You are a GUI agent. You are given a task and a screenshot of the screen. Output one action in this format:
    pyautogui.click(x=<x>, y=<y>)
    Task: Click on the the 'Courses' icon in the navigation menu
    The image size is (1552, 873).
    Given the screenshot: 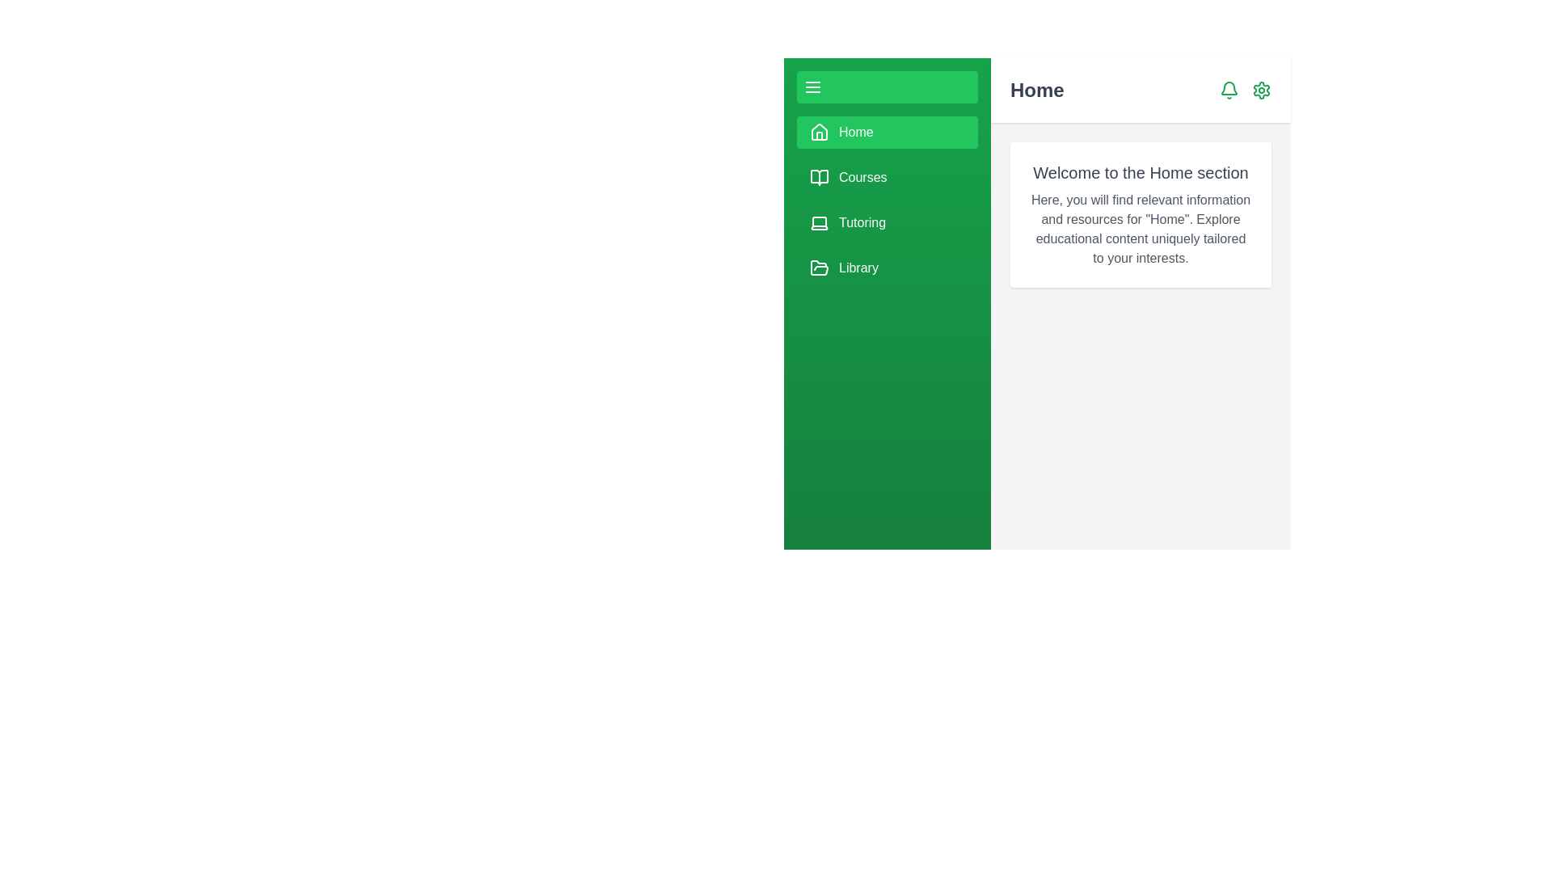 What is the action you would take?
    pyautogui.click(x=819, y=177)
    